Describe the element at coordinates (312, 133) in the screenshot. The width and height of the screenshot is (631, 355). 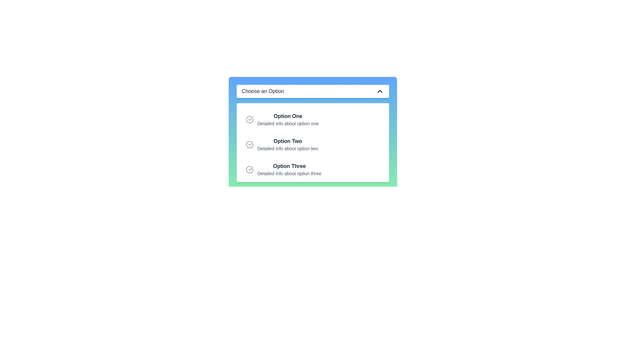
I see `the dropdown menu titled 'Choose an Option'` at that location.